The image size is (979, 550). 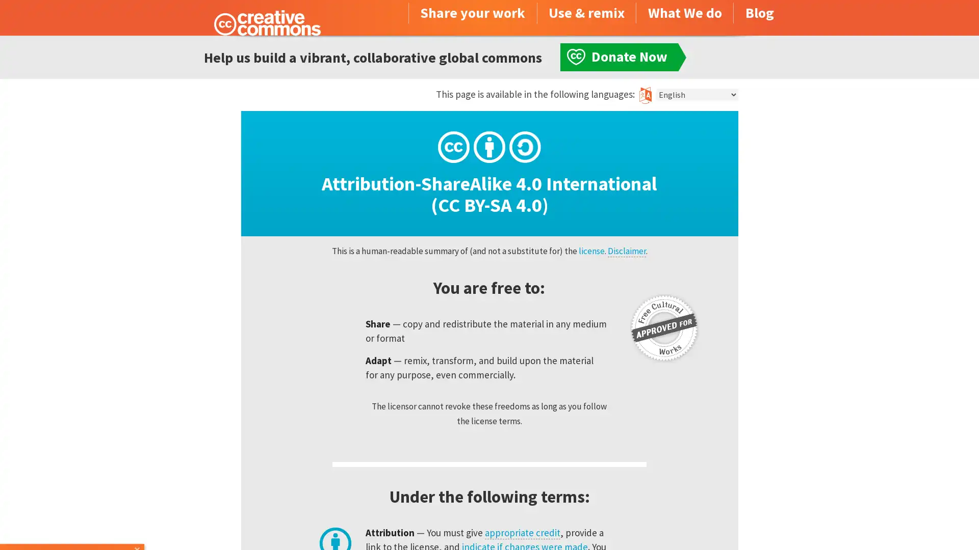 What do you see at coordinates (73, 522) in the screenshot?
I see `Donate Now` at bounding box center [73, 522].